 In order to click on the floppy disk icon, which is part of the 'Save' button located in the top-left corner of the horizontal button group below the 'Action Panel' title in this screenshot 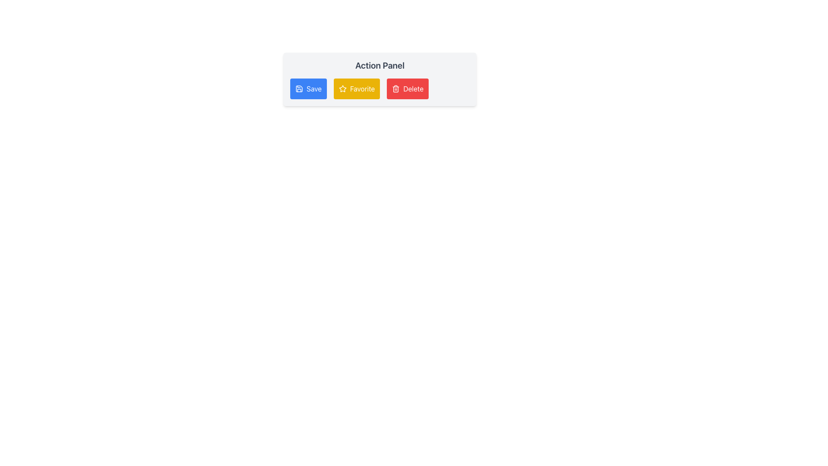, I will do `click(299, 88)`.